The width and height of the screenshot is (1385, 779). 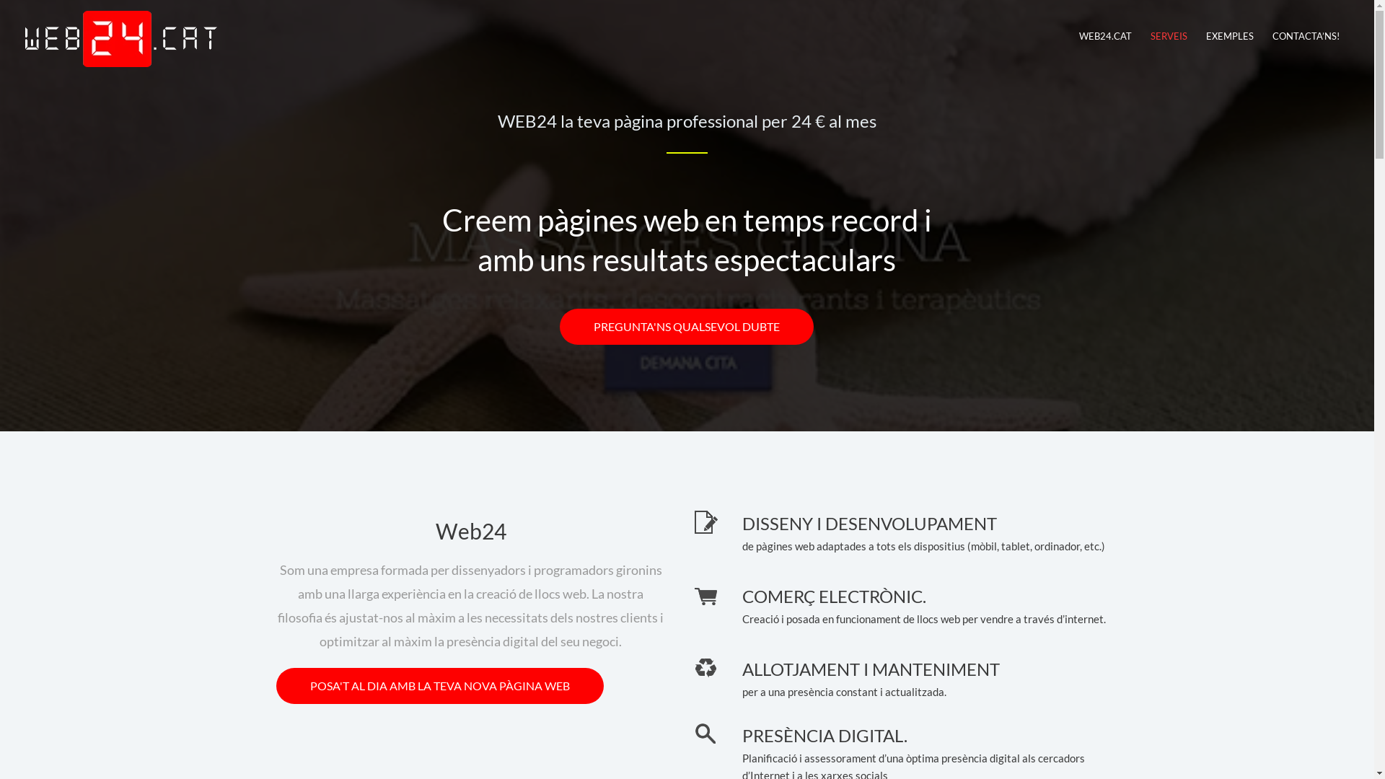 I want to click on 'WEB24.CAT', so click(x=1104, y=35).